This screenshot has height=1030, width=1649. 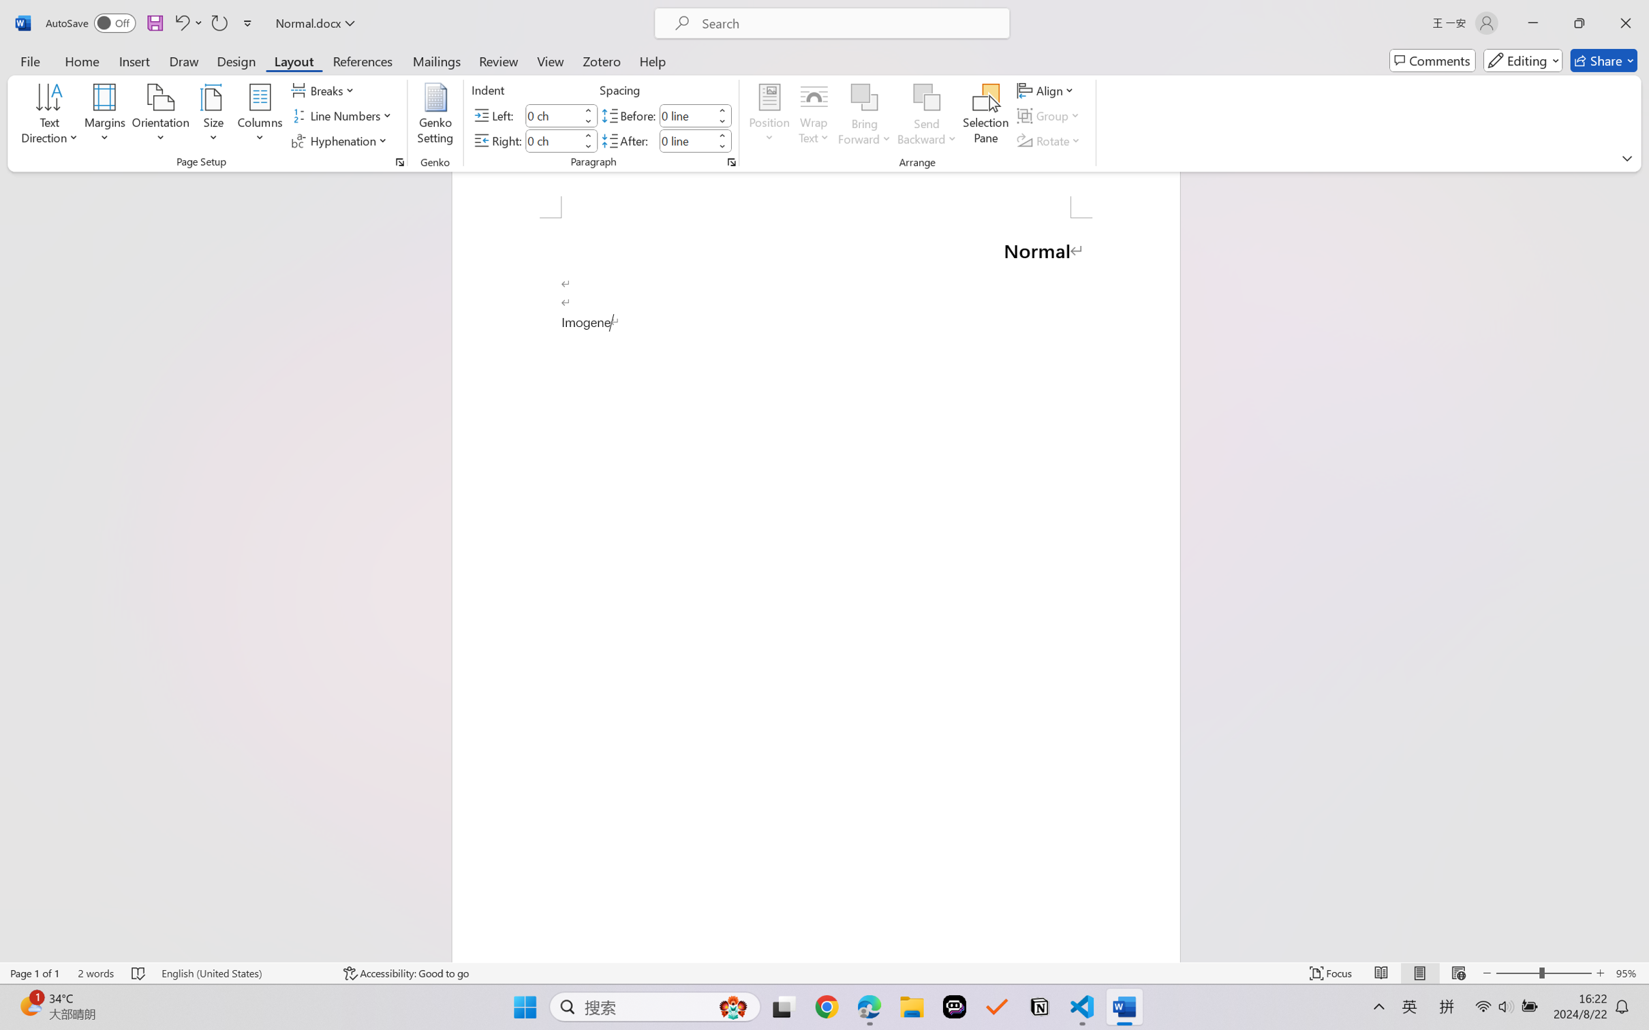 I want to click on 'Size', so click(x=214, y=116).